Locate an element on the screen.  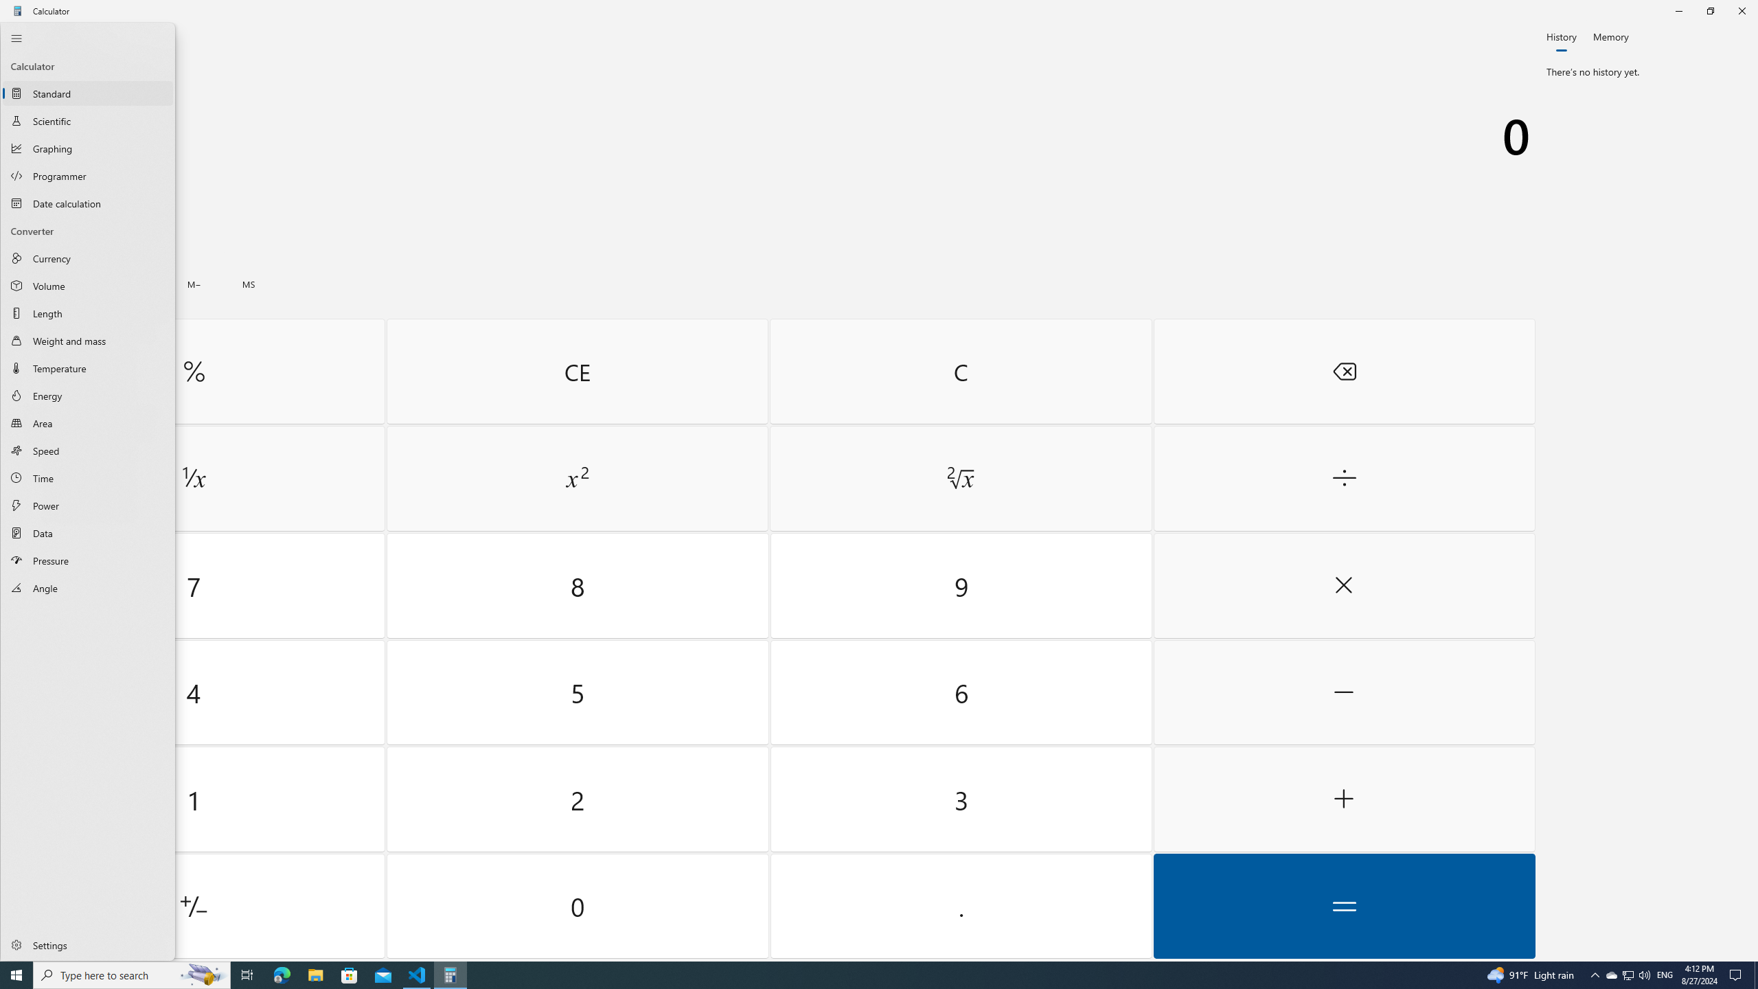
'Memory subtract' is located at coordinates (193, 284).